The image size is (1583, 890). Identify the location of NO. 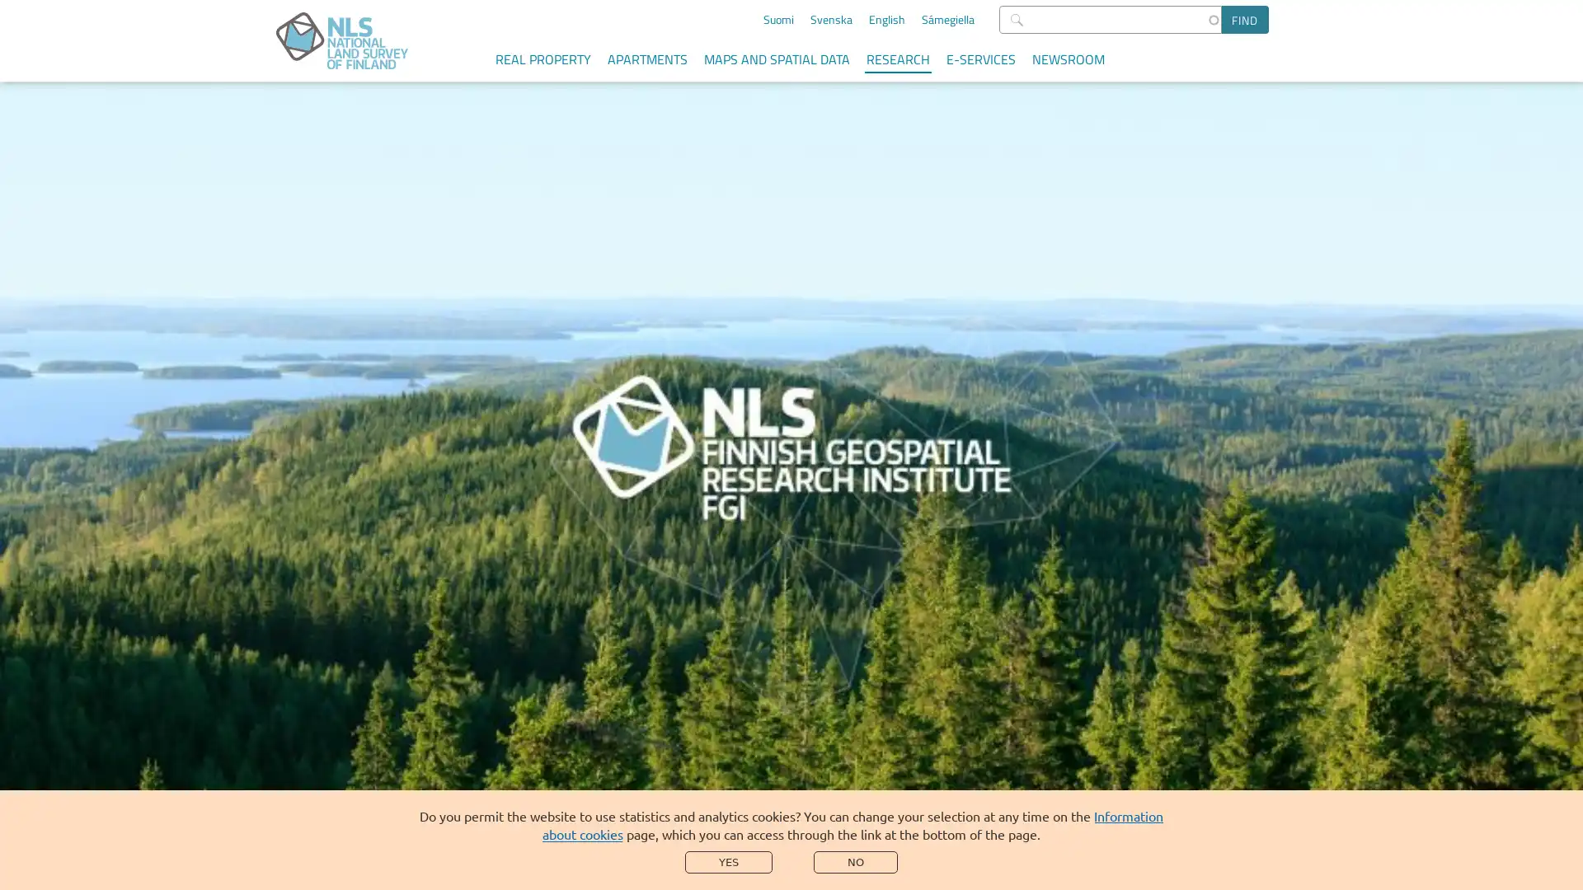
(855, 861).